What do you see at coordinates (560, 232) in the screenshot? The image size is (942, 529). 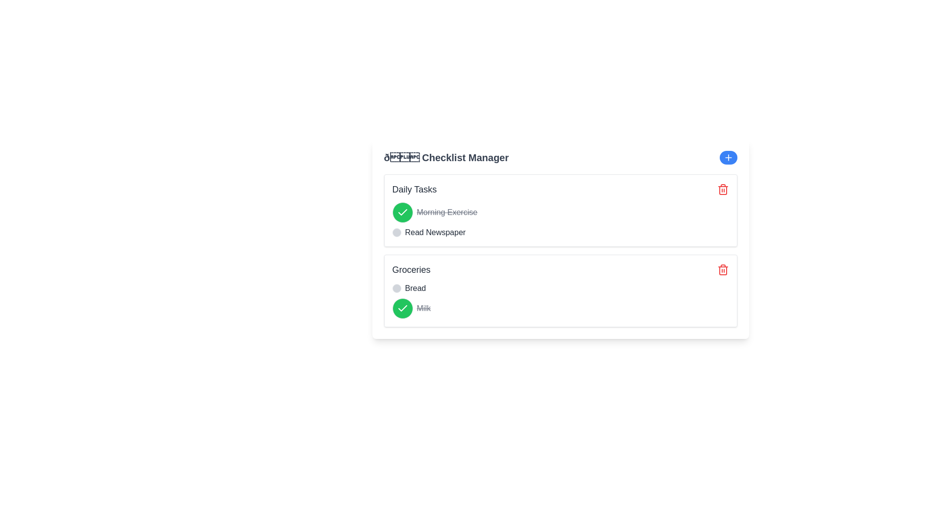 I see `the second unselected task in the Daily Tasks checklist` at bounding box center [560, 232].